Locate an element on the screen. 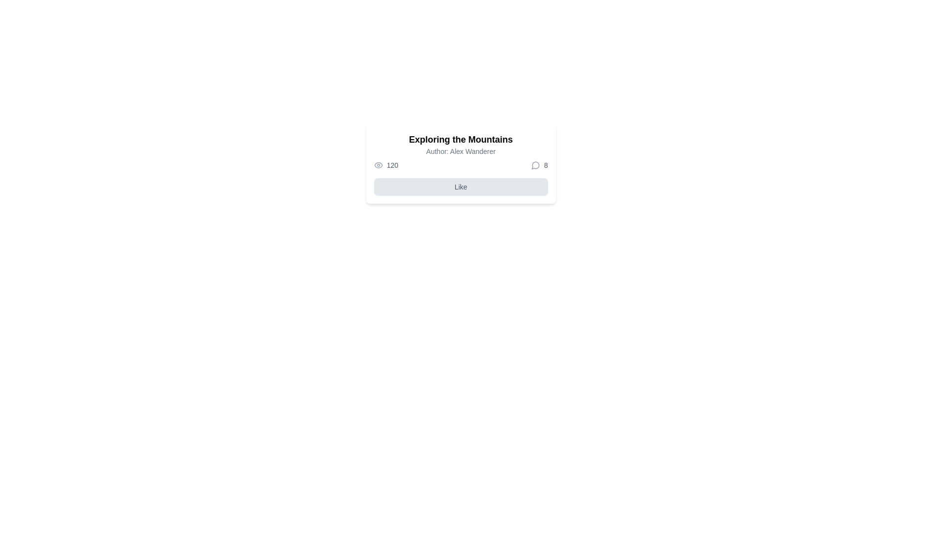  the speech bubble SVG graphic with a gray outline located next to the numeric indicator '8' is located at coordinates (535, 165).